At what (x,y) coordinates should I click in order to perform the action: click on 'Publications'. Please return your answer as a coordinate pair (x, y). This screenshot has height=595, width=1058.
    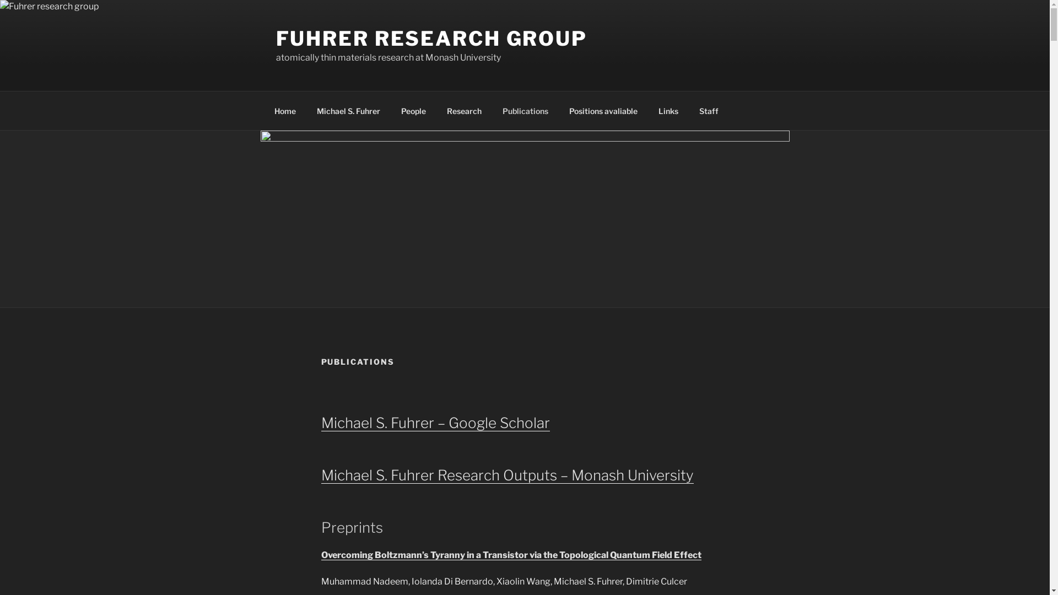
    Looking at the image, I should click on (525, 110).